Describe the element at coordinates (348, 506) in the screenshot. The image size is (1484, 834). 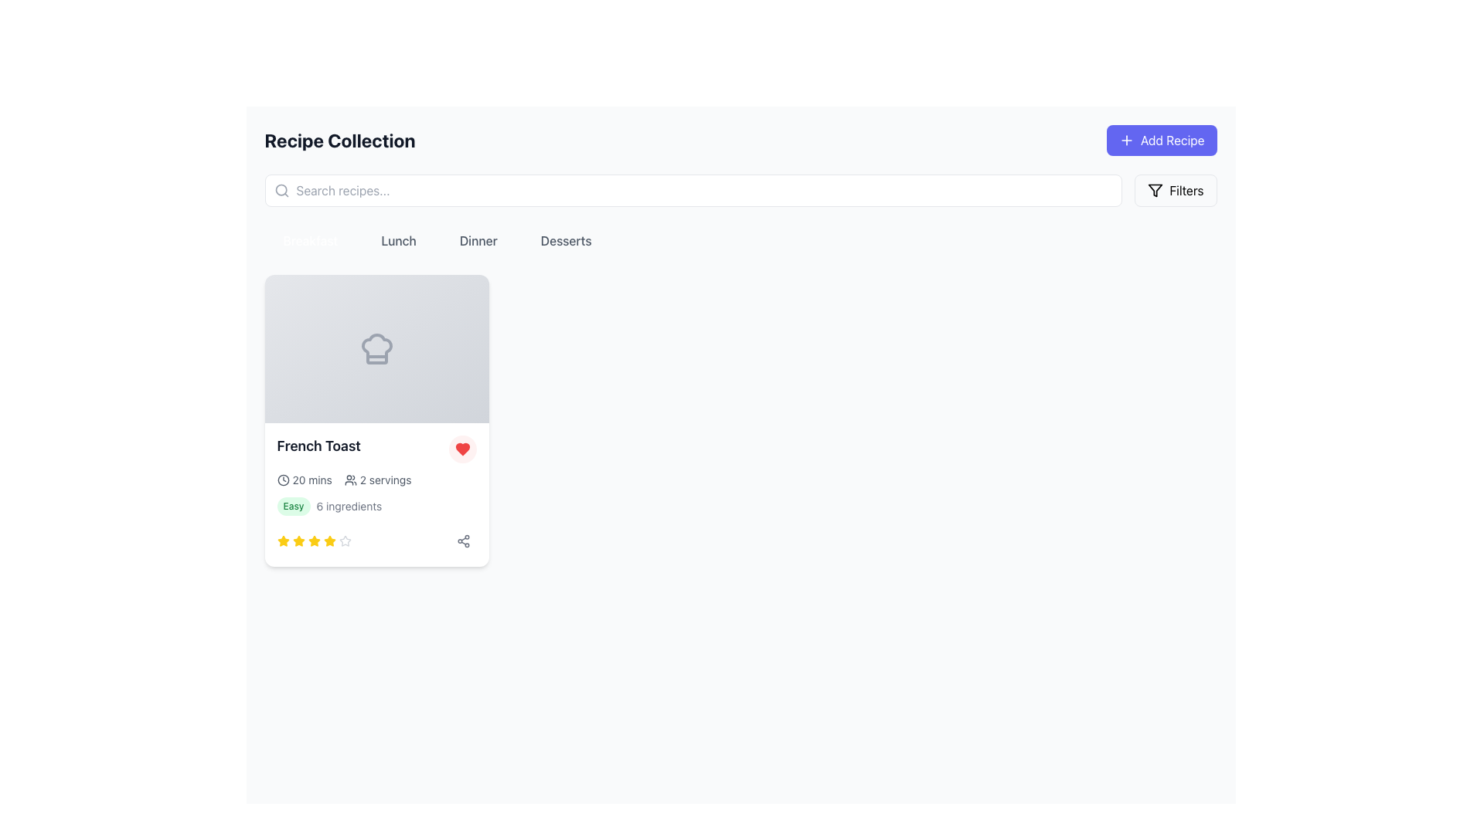
I see `the text label that reads '6 ingredients', which is part of the recipe details section located beneath the recipe title 'French Toast' and adjacent to the 'Easy' tag` at that location.